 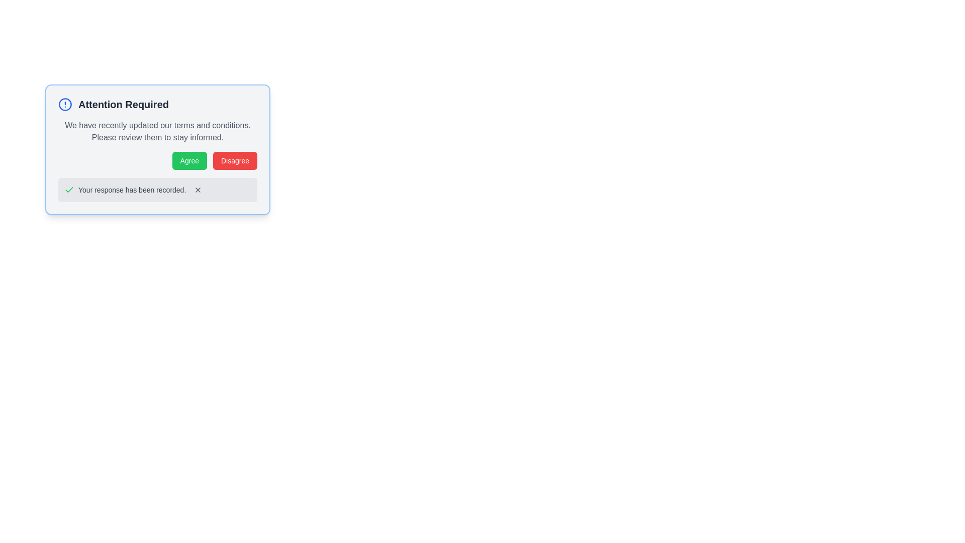 I want to click on the circular icon with a blue border and an exclamation mark symbol, which signifies an alert, located to the left of the 'Attention Required' text, so click(x=64, y=105).